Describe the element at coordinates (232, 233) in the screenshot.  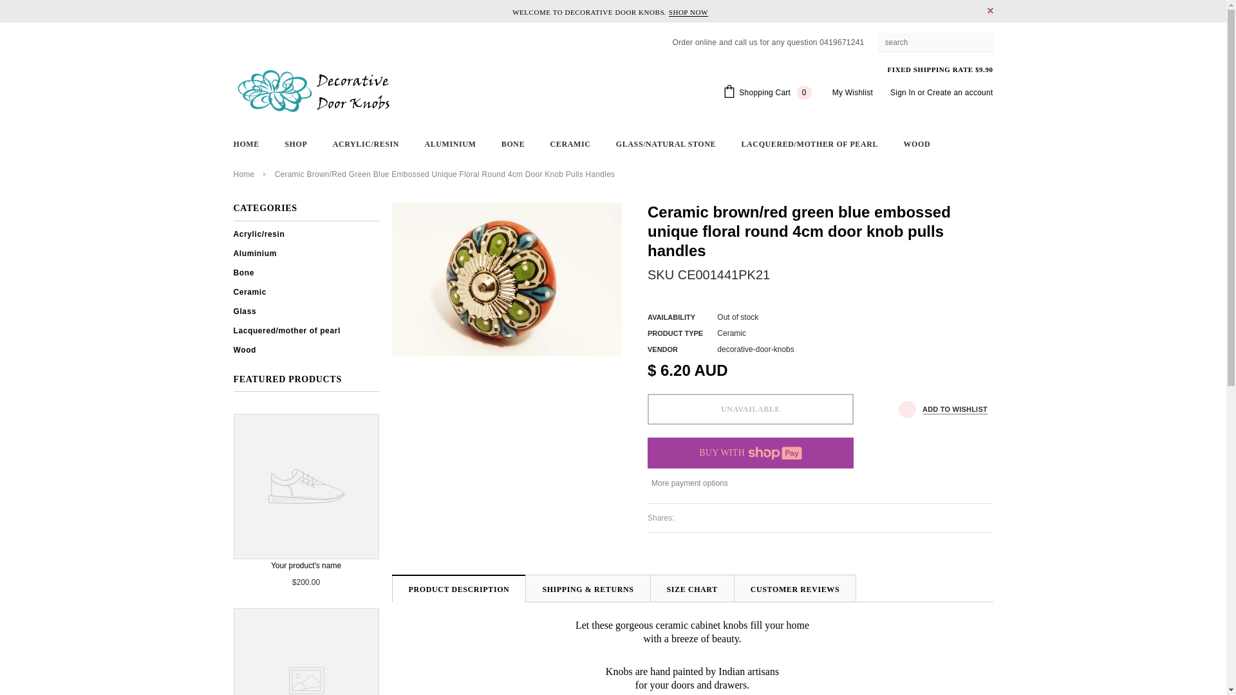
I see `'Acrylic/resin'` at that location.